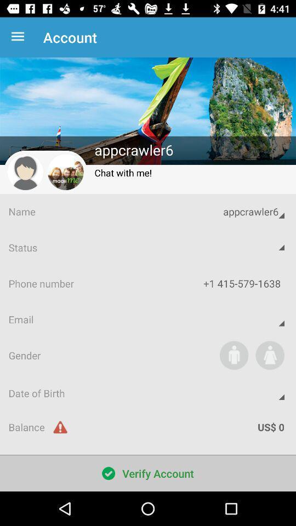 This screenshot has height=526, width=296. What do you see at coordinates (234, 355) in the screenshot?
I see `the app below the email` at bounding box center [234, 355].